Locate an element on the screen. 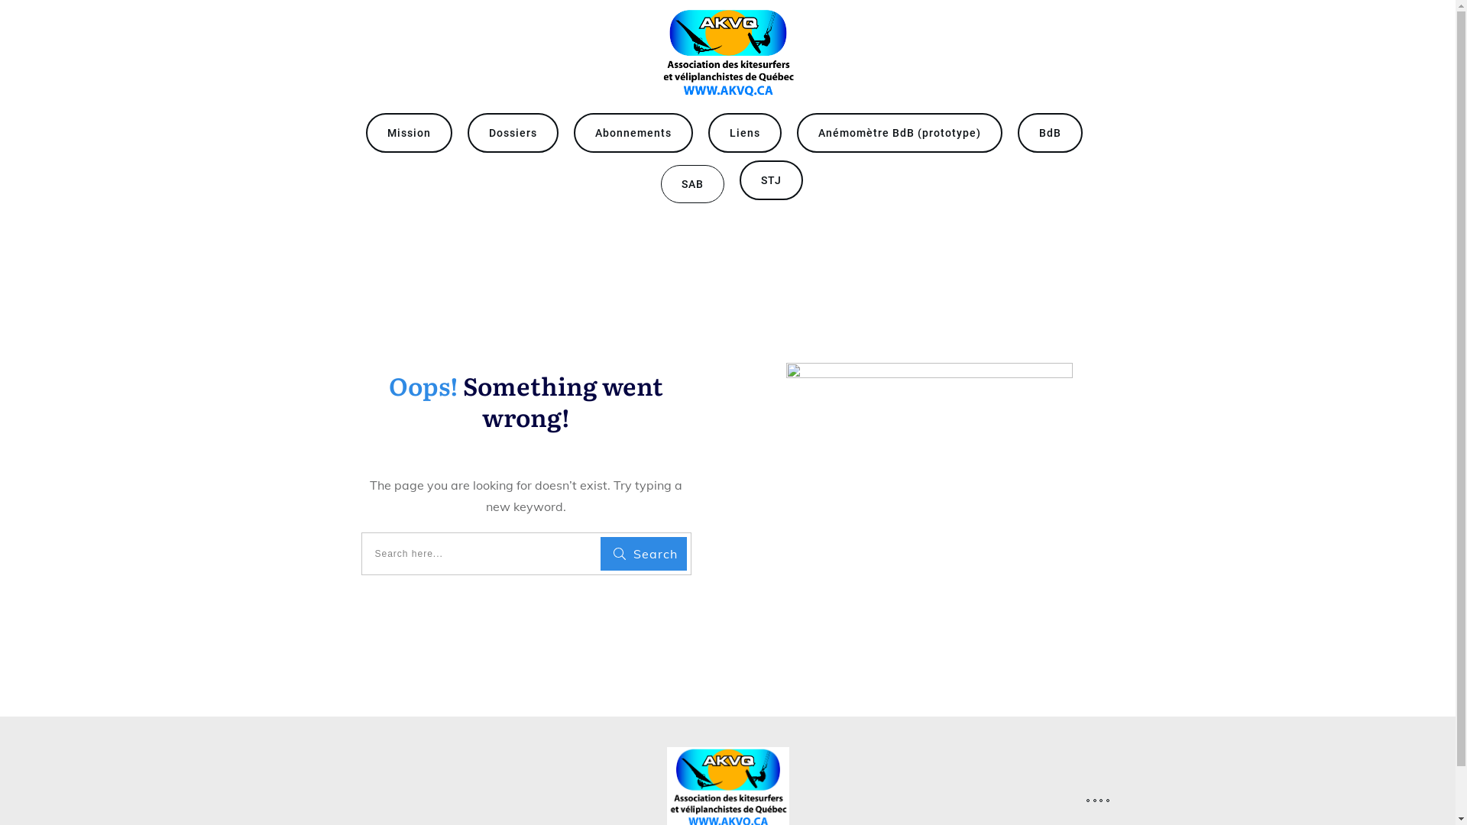 The width and height of the screenshot is (1467, 825). 'SAB' is located at coordinates (681, 183).